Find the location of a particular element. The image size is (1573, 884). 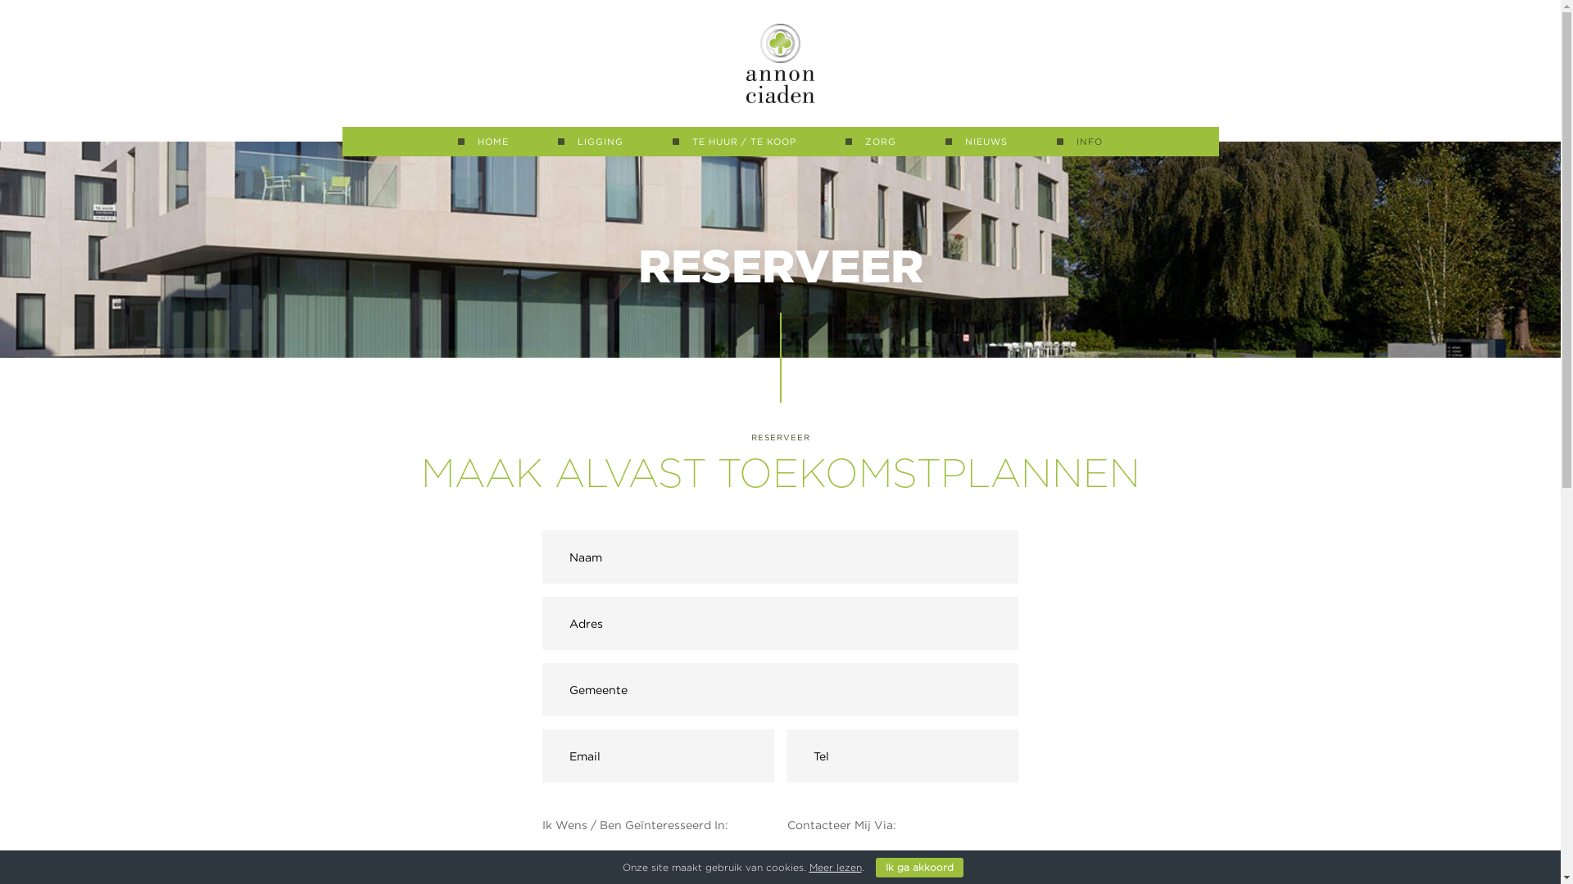

'Ik ga akkoord' is located at coordinates (874, 867).